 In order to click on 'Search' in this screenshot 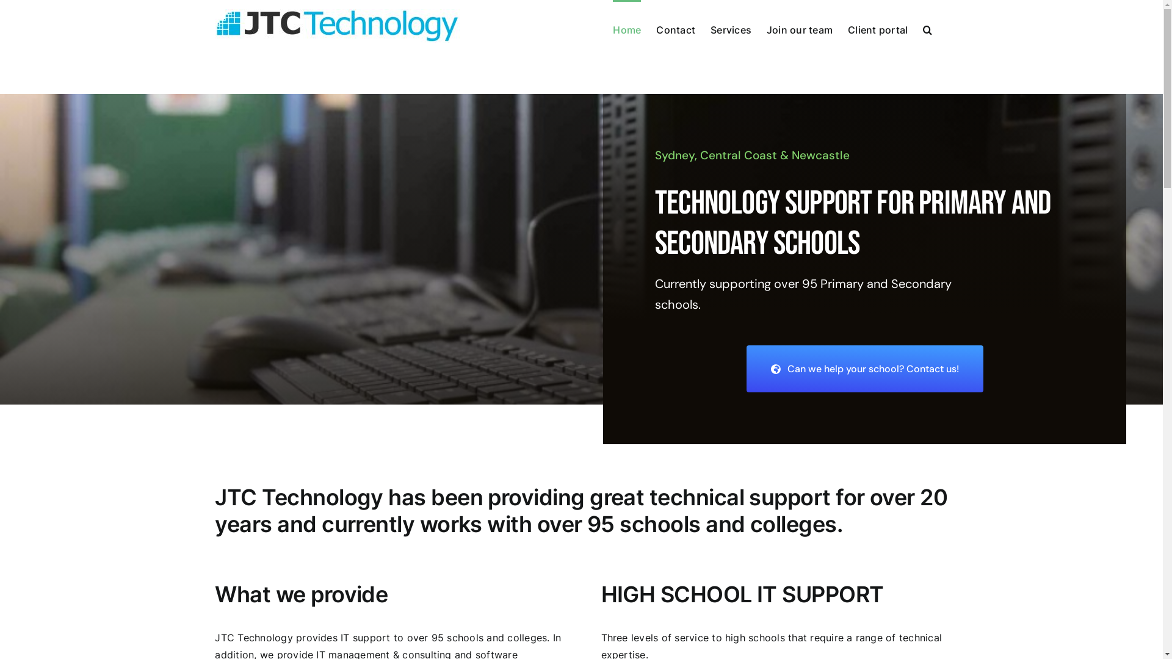, I will do `click(927, 27)`.